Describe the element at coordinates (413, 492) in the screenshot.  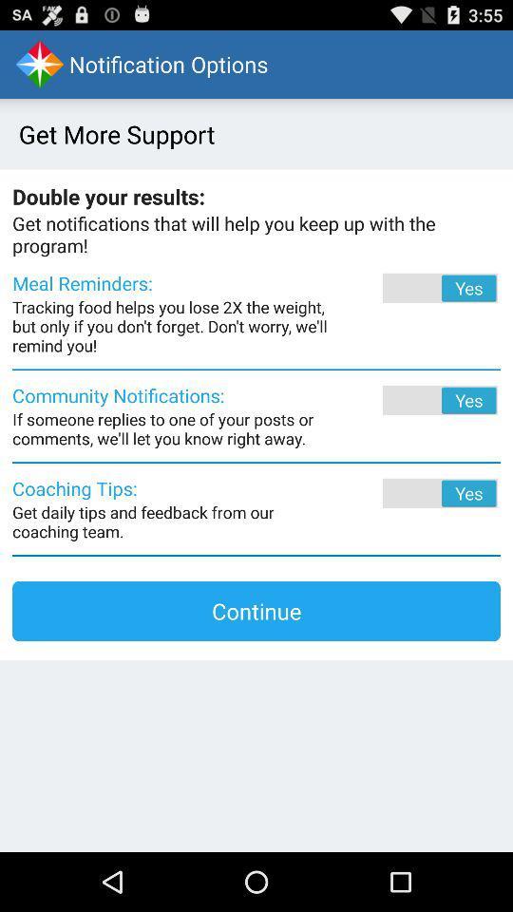
I see `coaching tips toggle` at that location.